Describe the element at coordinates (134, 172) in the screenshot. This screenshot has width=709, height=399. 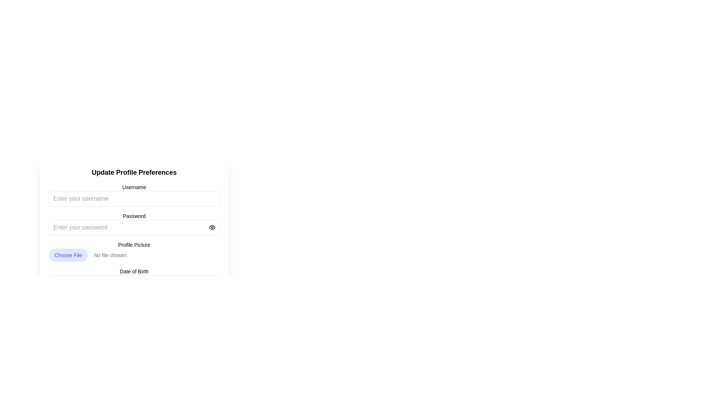
I see `the Static Text Header located at the top of the form that includes fields for 'Username', 'Password', 'Profile Picture', and 'Date of Birth'` at that location.